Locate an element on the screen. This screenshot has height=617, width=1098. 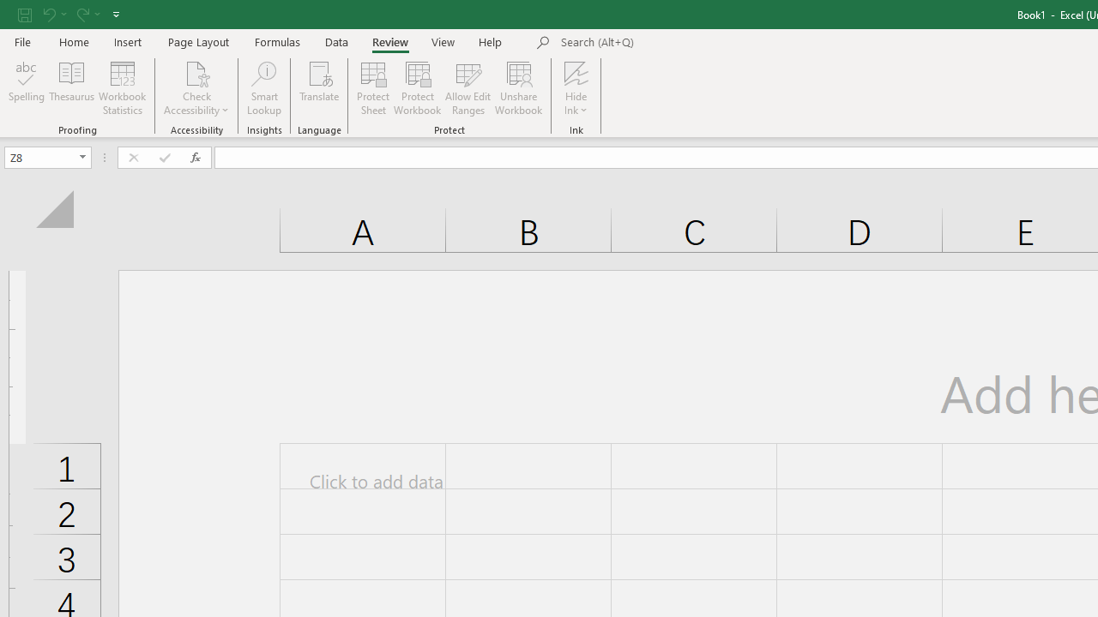
'Check Accessibility' is located at coordinates (196, 72).